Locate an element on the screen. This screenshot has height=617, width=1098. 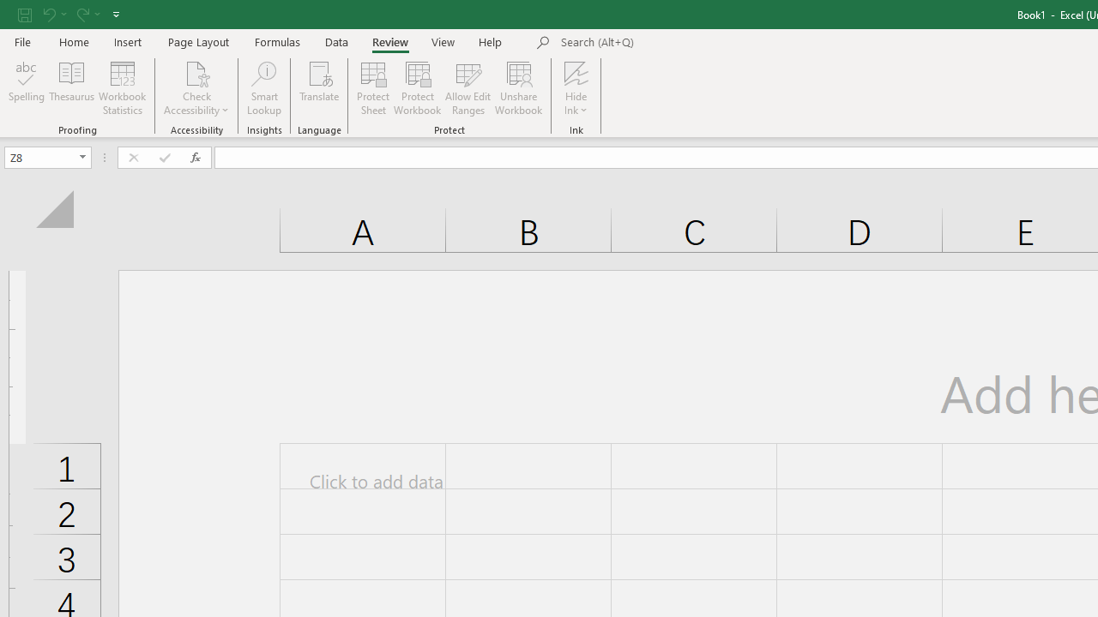
'Check Accessibility' is located at coordinates (196, 72).